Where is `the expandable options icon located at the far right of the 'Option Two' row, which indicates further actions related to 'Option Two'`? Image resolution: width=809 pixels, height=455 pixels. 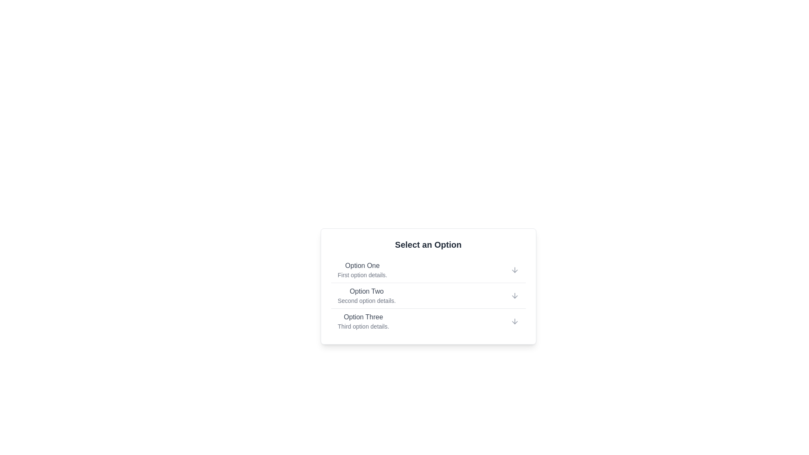 the expandable options icon located at the far right of the 'Option Two' row, which indicates further actions related to 'Option Two' is located at coordinates (514, 295).